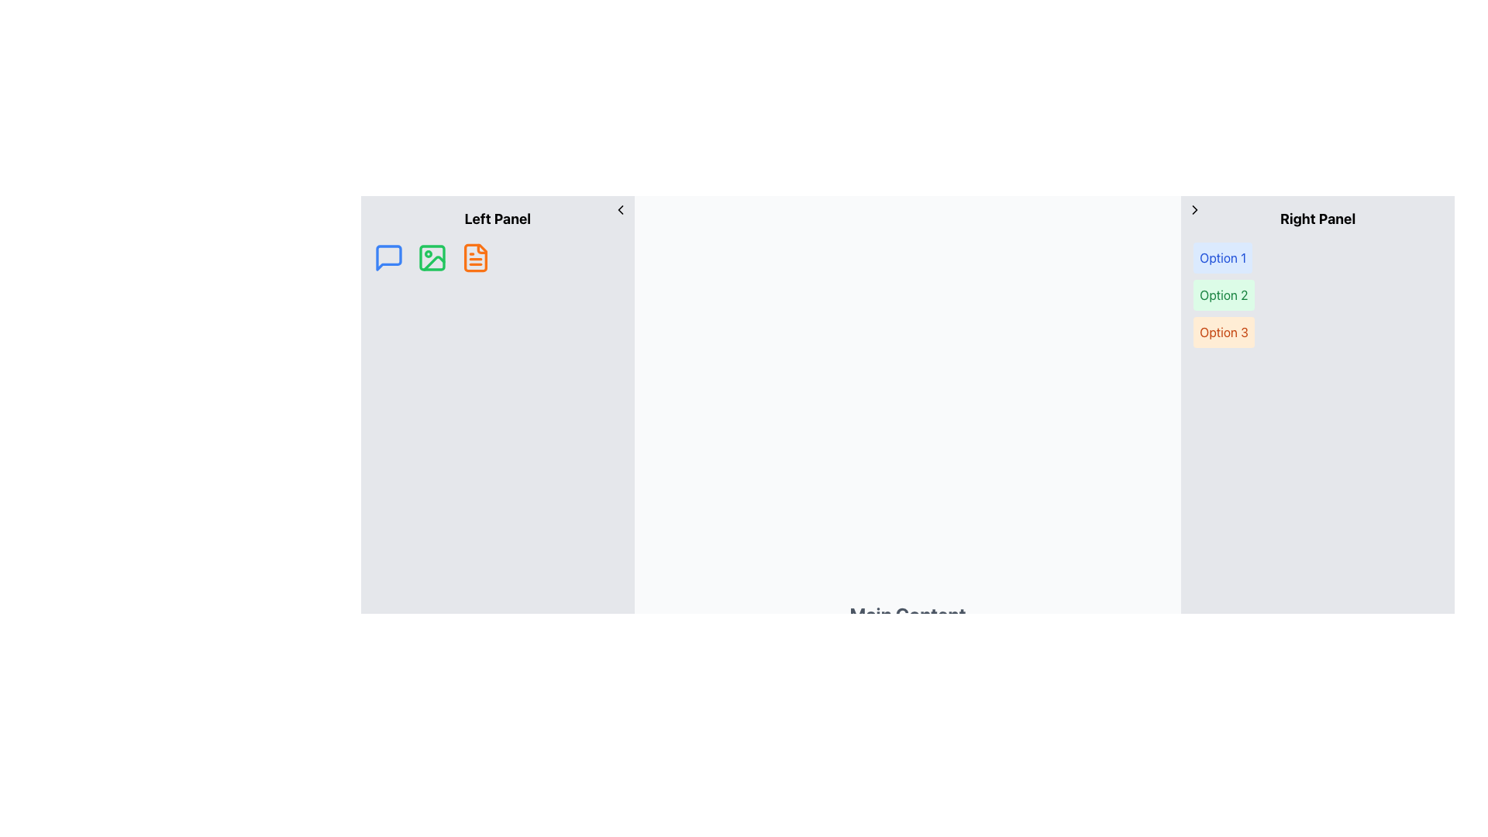  I want to click on the blue speech bubble icon located in the left panel, which is the third icon from the left in the navigation row, so click(389, 257).